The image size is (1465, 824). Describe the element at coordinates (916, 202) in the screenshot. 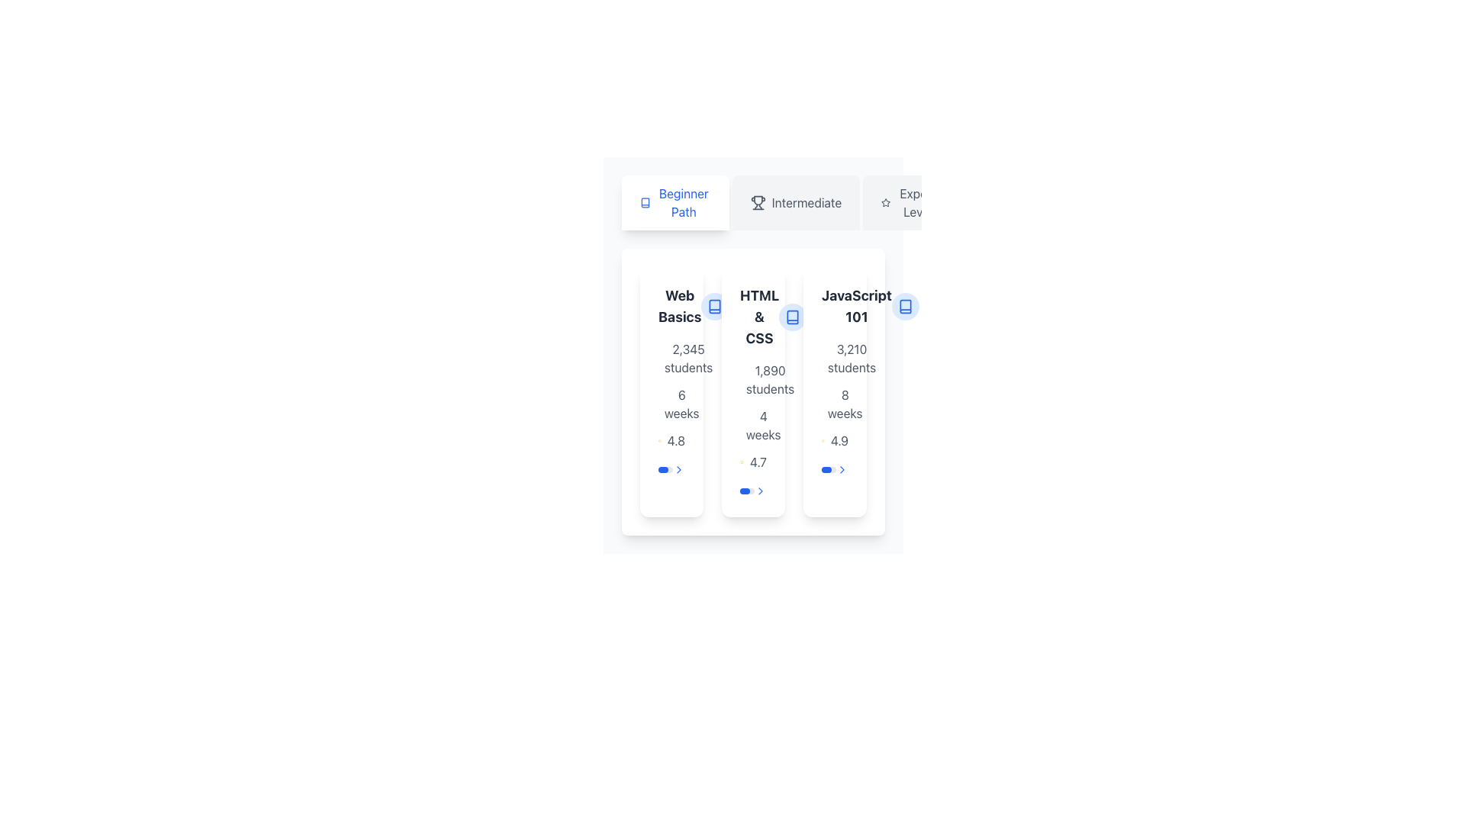

I see `the 'Expert Level' label element, which displays the text in a sans-serif typeface on a light gray background` at that location.